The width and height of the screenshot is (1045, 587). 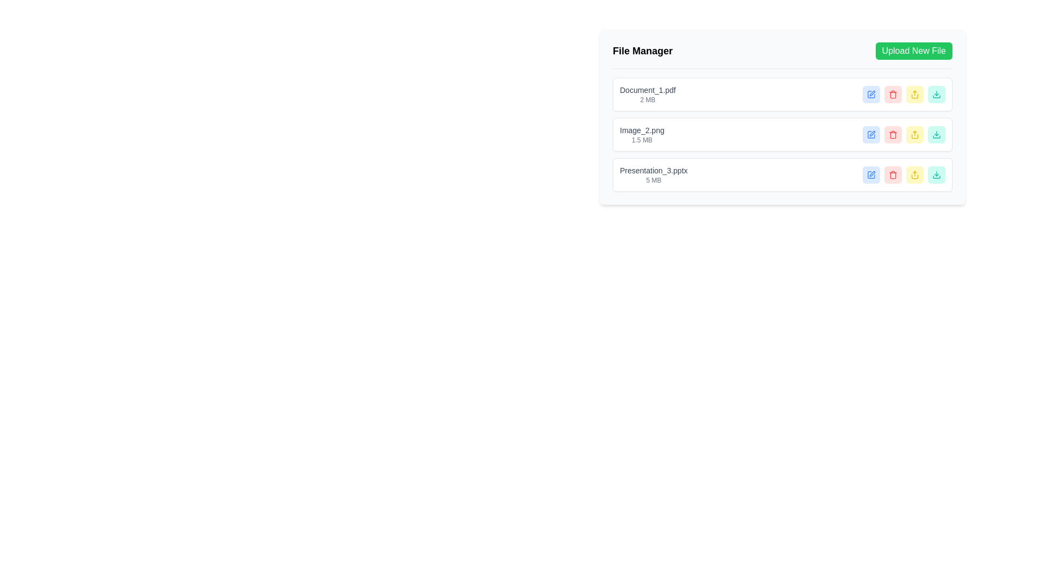 I want to click on the share button located in the top-right corner of the file manager interface associated with 'Document_1.pdf' to initiate the sharing action, so click(x=914, y=93).